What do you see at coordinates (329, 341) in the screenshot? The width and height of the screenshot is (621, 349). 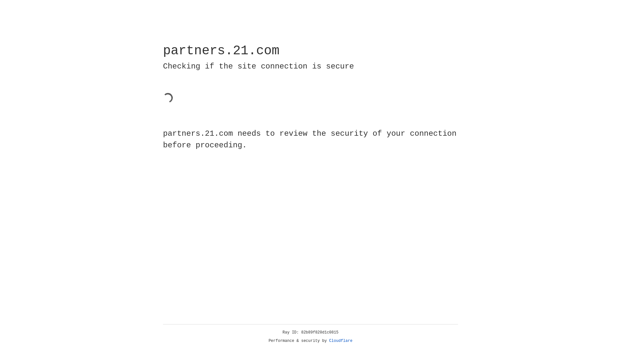 I see `'Cloudflare'` at bounding box center [329, 341].